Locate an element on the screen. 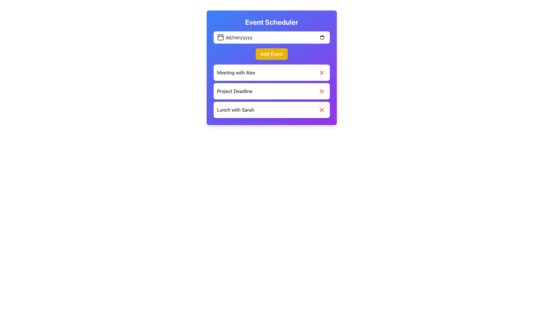  the delete button located in the top-right corner of the 'Meeting with Alex' event row in the event scheduler section is located at coordinates (321, 72).